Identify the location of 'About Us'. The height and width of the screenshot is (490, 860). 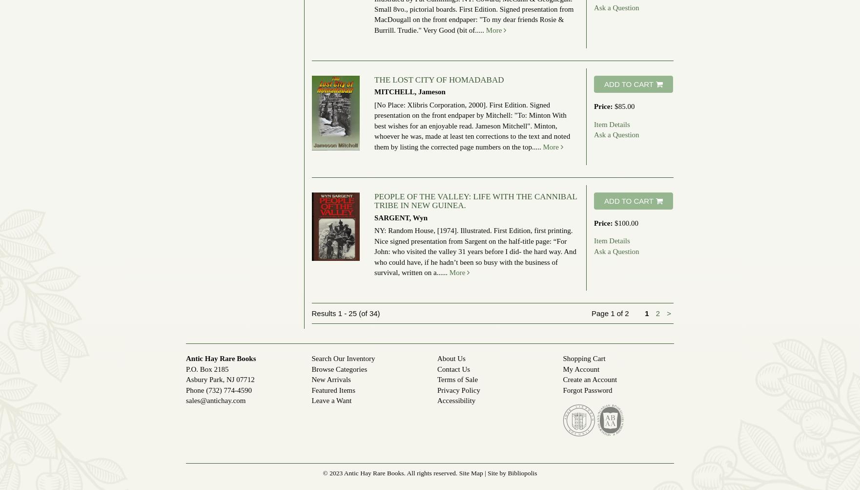
(451, 358).